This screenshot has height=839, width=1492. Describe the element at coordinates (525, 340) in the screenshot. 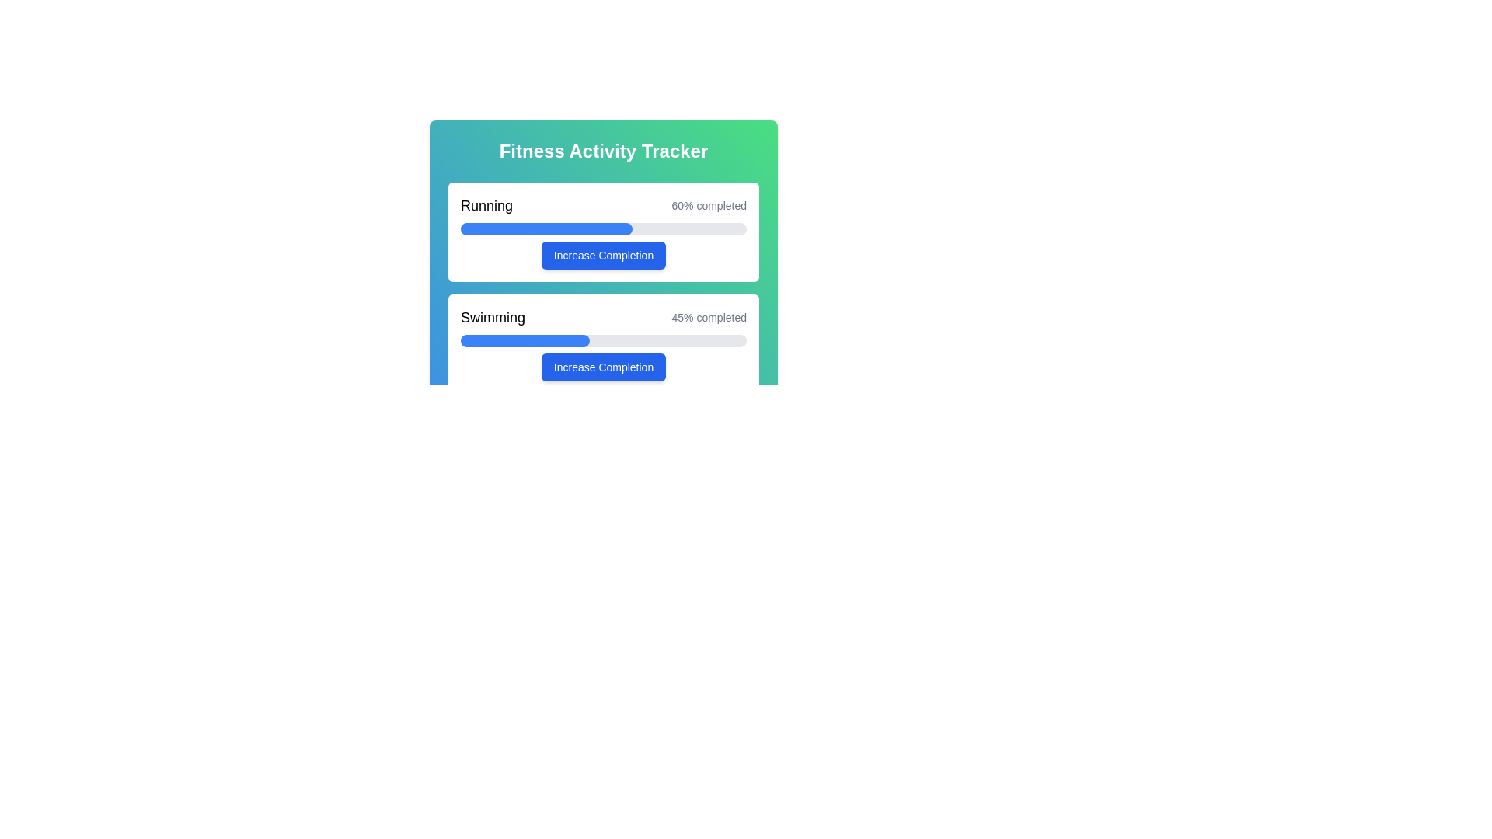

I see `the filled portion of the progress bar indicating the completion percentage of the 'Swimming' activity in the fitness tracker interface` at that location.